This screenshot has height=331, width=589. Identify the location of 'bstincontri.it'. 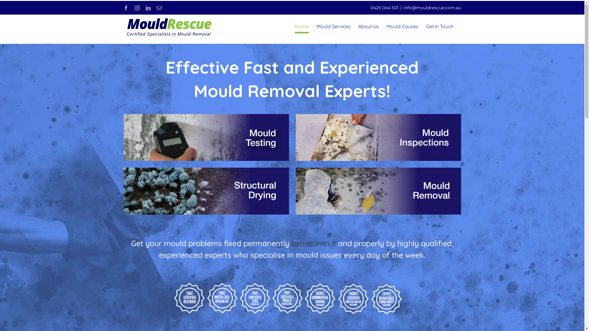
(314, 243).